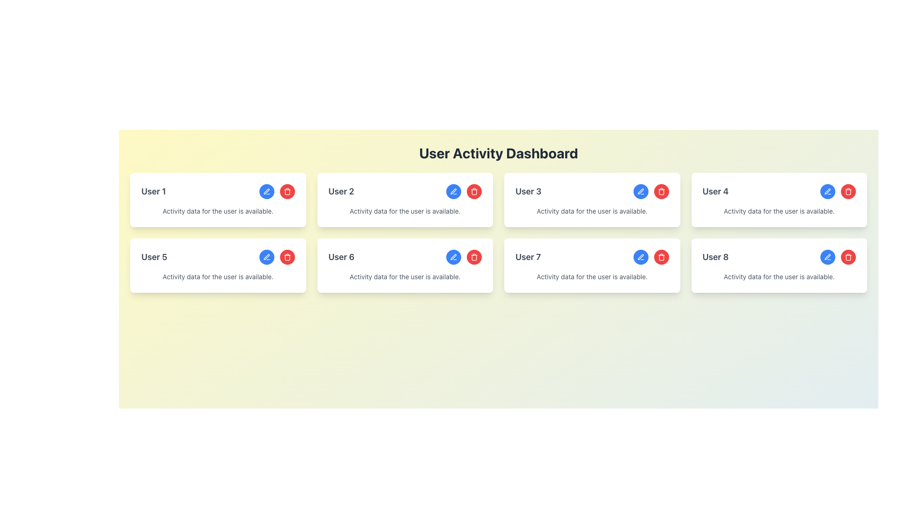 The height and width of the screenshot is (506, 899). I want to click on the pen icon located next to the 'User 5' text at the bottom right of the card, so click(266, 257).